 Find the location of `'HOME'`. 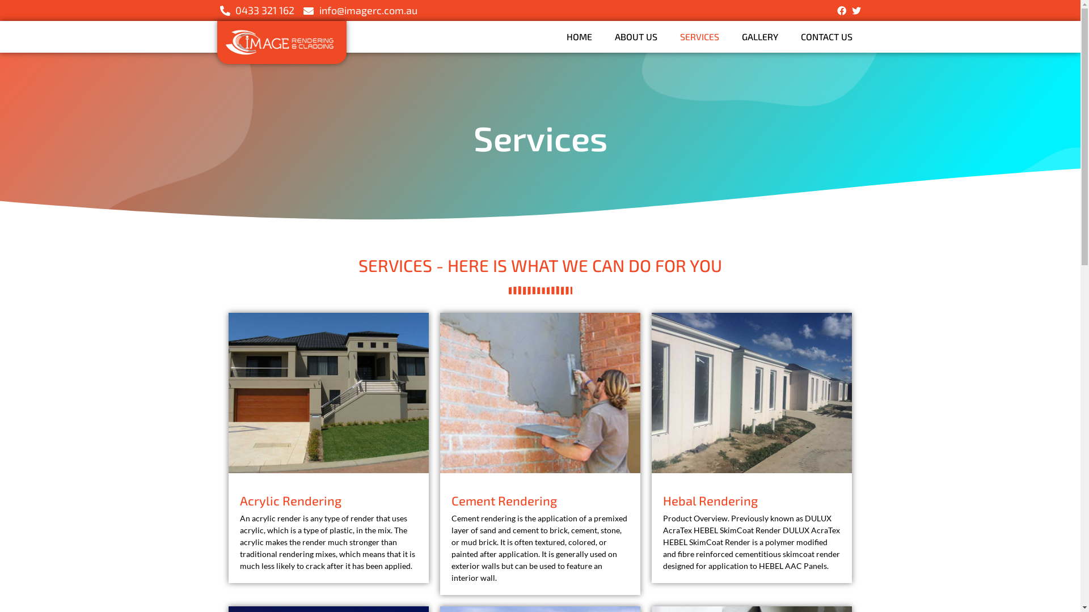

'HOME' is located at coordinates (579, 36).